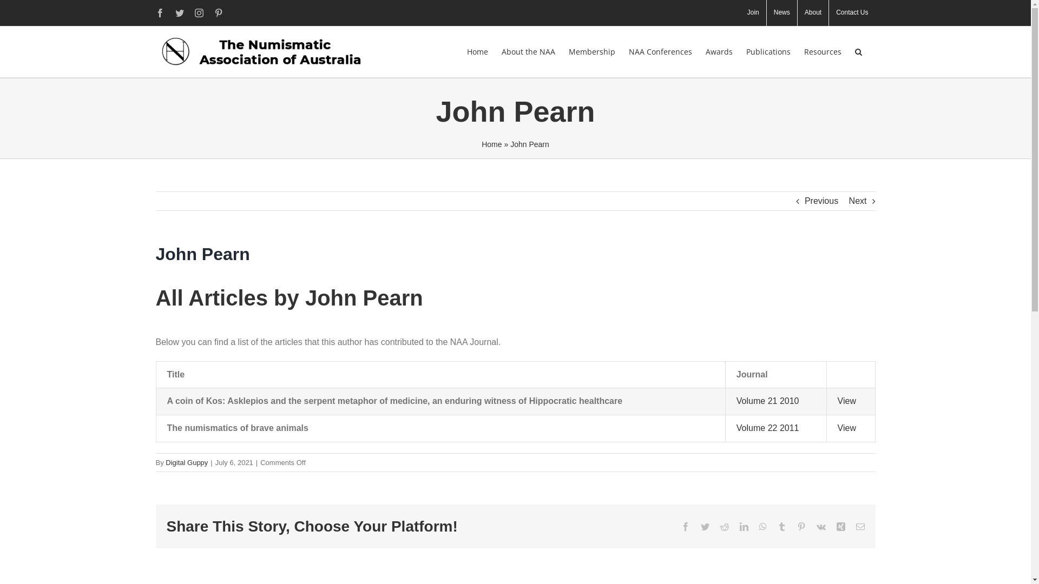 Image resolution: width=1039 pixels, height=584 pixels. Describe the element at coordinates (767, 52) in the screenshot. I see `'Publications'` at that location.